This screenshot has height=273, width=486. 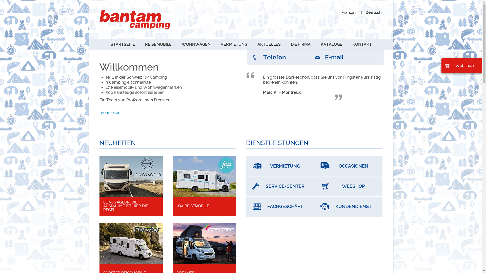 I want to click on 'WEBSHOP', so click(x=348, y=186).